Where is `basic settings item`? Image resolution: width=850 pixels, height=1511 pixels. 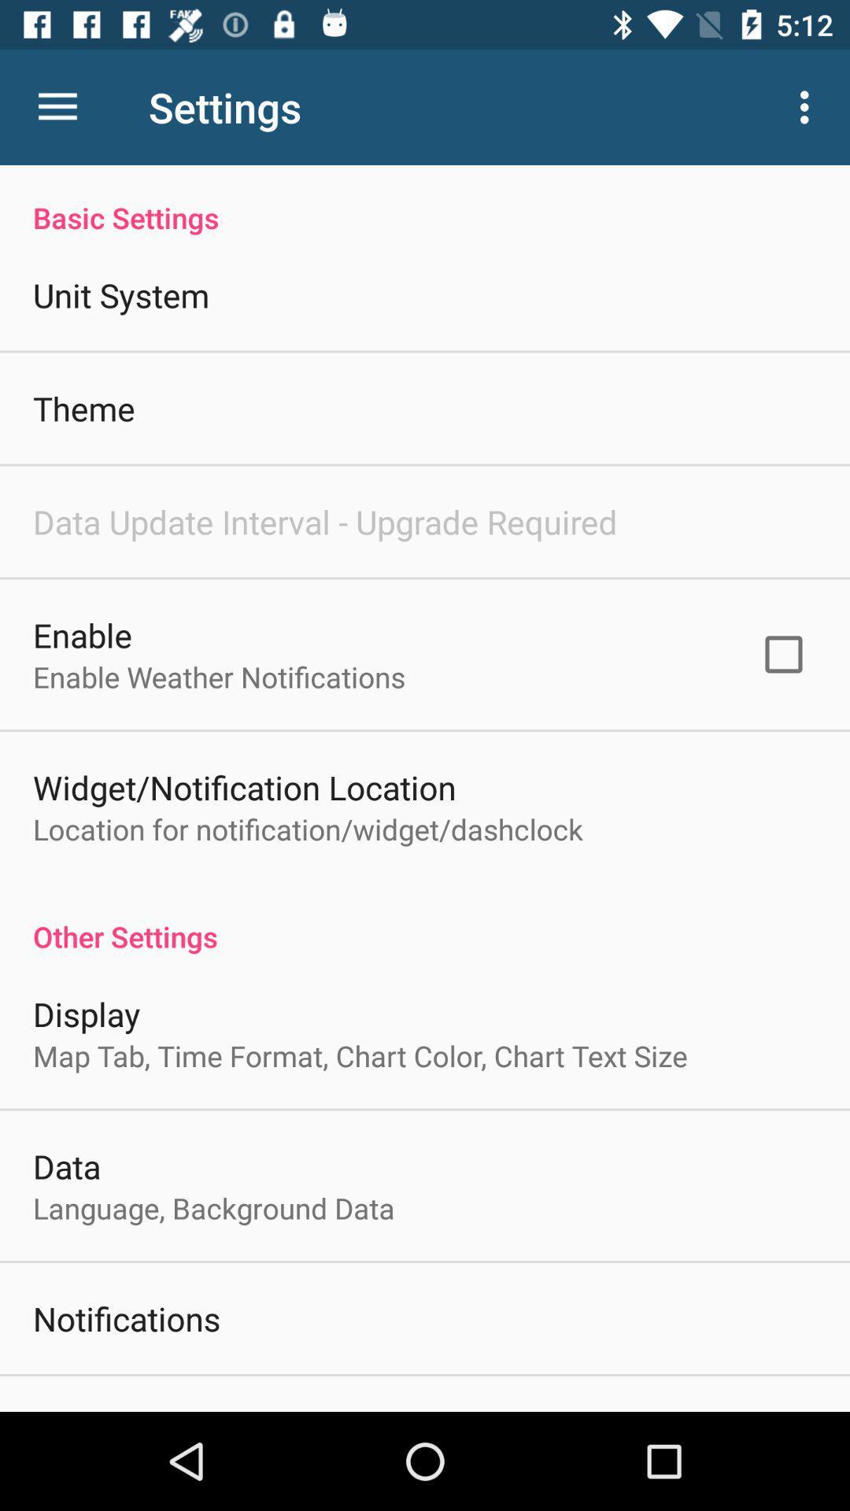 basic settings item is located at coordinates (425, 200).